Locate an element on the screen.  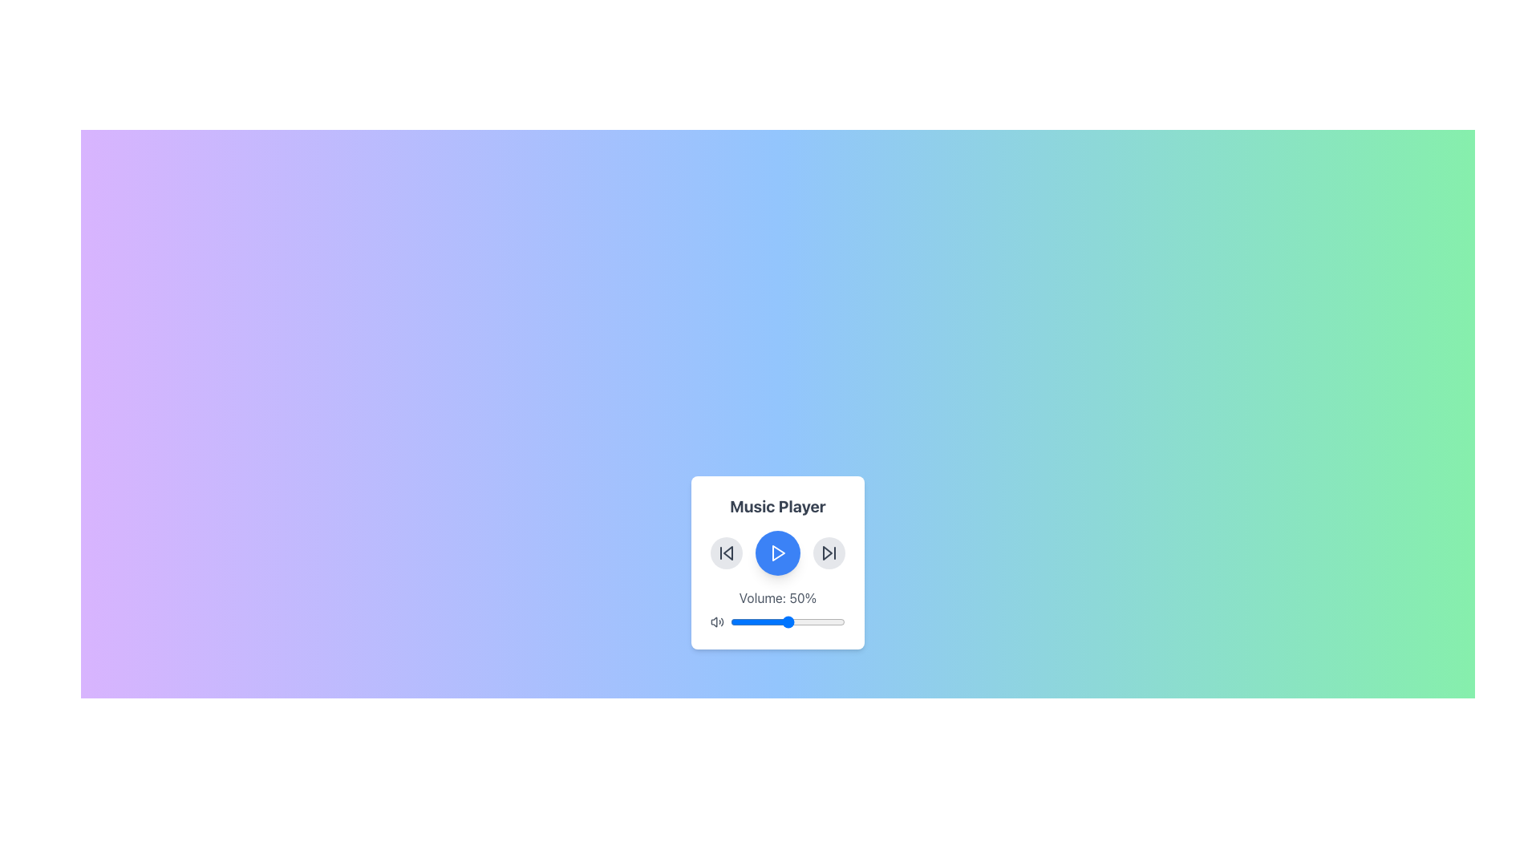
the volume control icon at the bottom-left corner of the music player interface is located at coordinates (713, 621).